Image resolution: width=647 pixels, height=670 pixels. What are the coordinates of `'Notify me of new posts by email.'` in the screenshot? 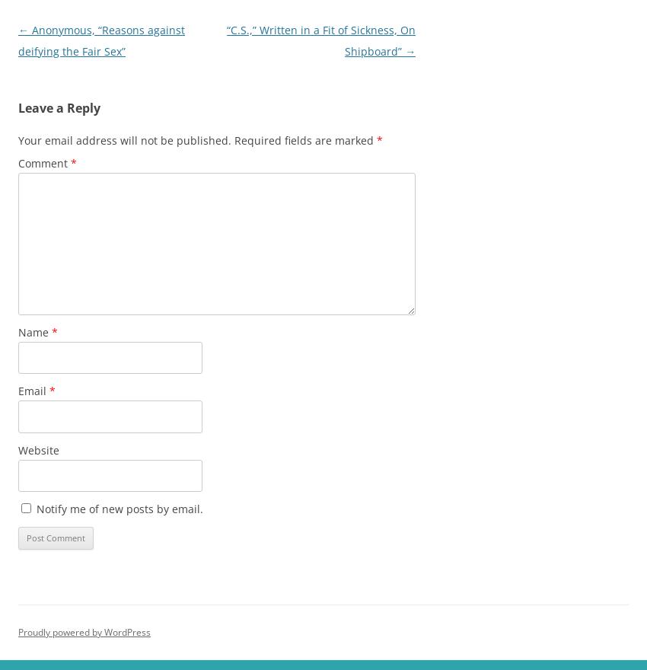 It's located at (120, 508).